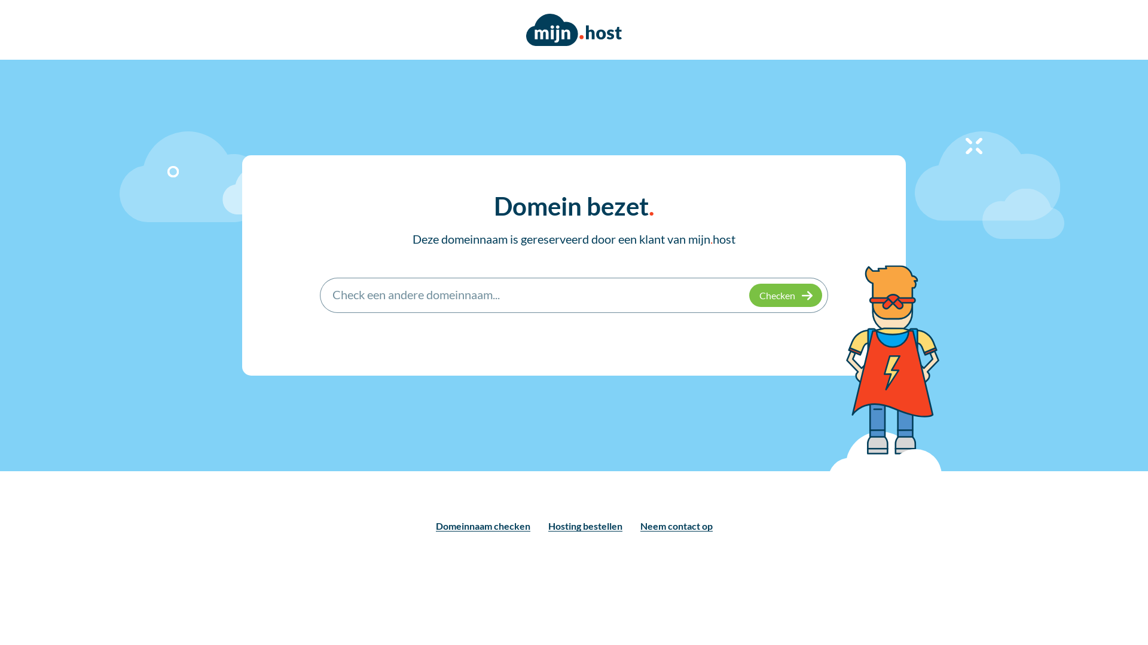 Image resolution: width=1148 pixels, height=645 pixels. What do you see at coordinates (585, 525) in the screenshot?
I see `'Hosting bestellen'` at bounding box center [585, 525].